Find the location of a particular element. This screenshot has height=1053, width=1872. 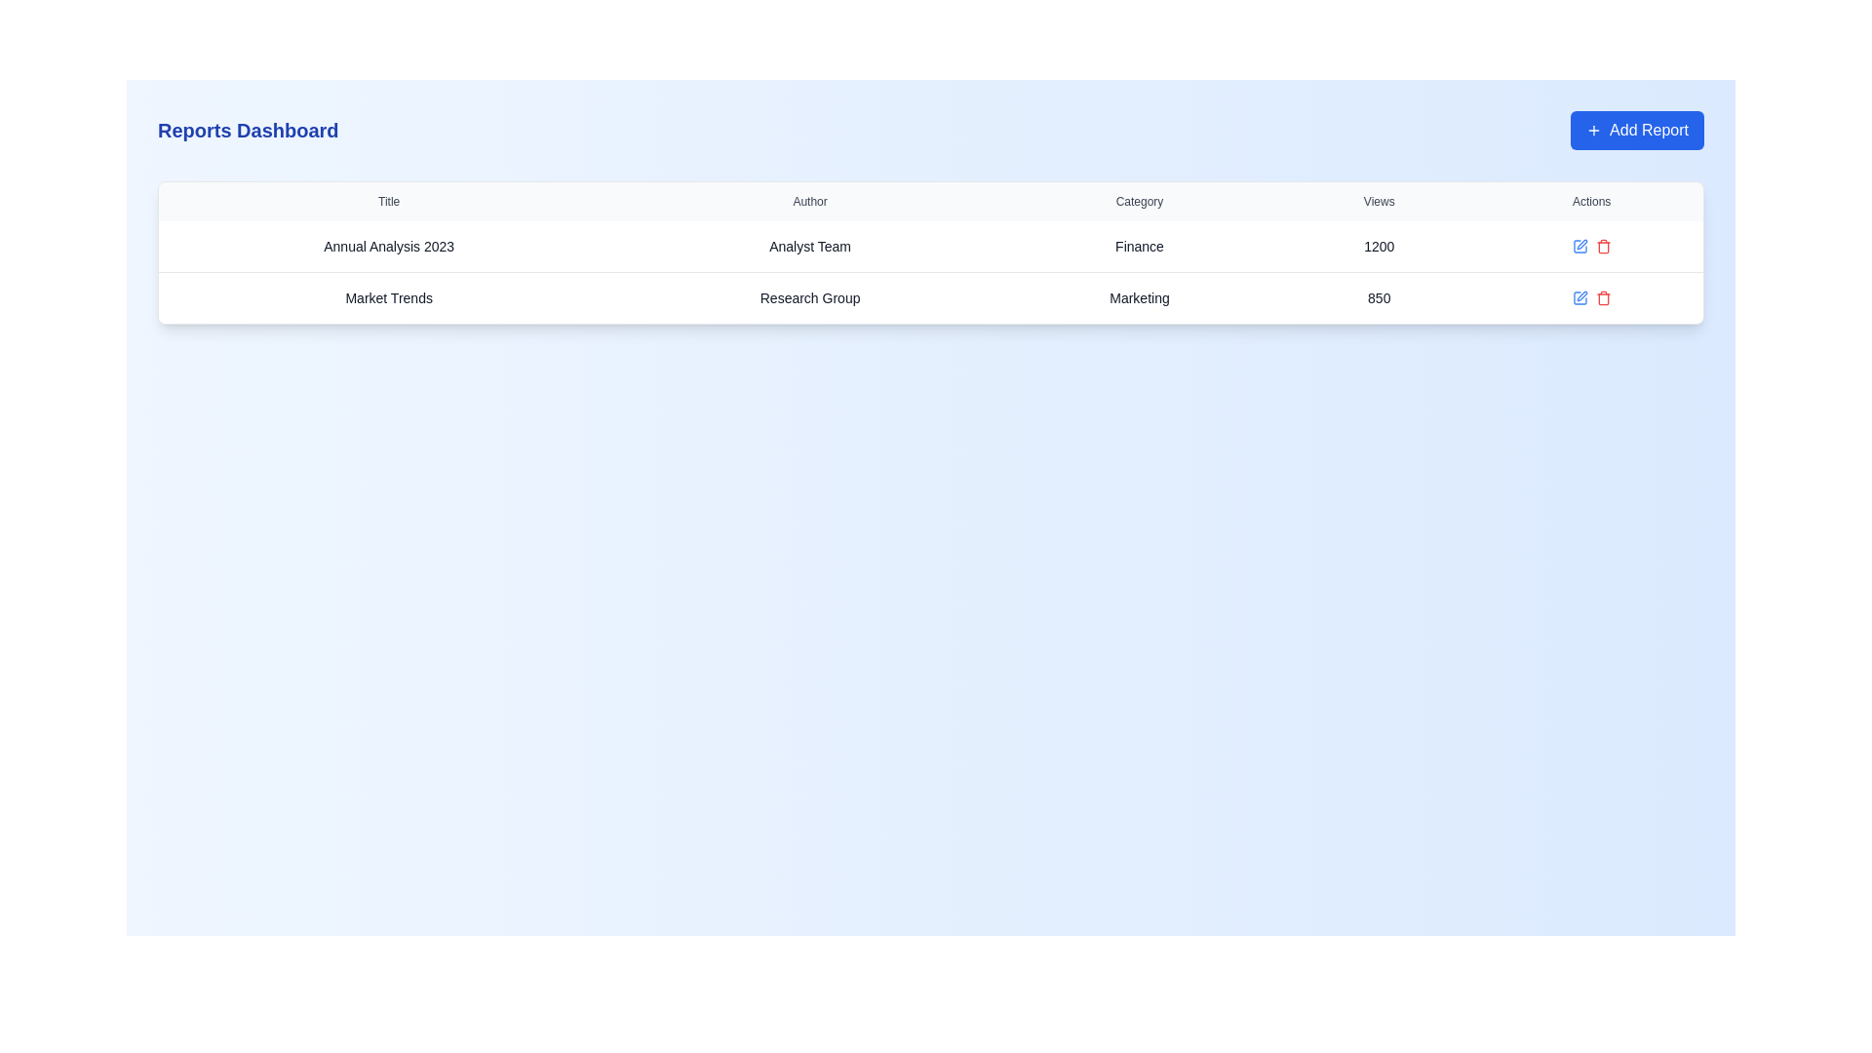

text from the 'Category' Text Label located in the second row of the table, which is horizontally aligned with the 'Author' column labeled 'Research Group' and the 'Views' column showing '850' is located at coordinates (1139, 297).